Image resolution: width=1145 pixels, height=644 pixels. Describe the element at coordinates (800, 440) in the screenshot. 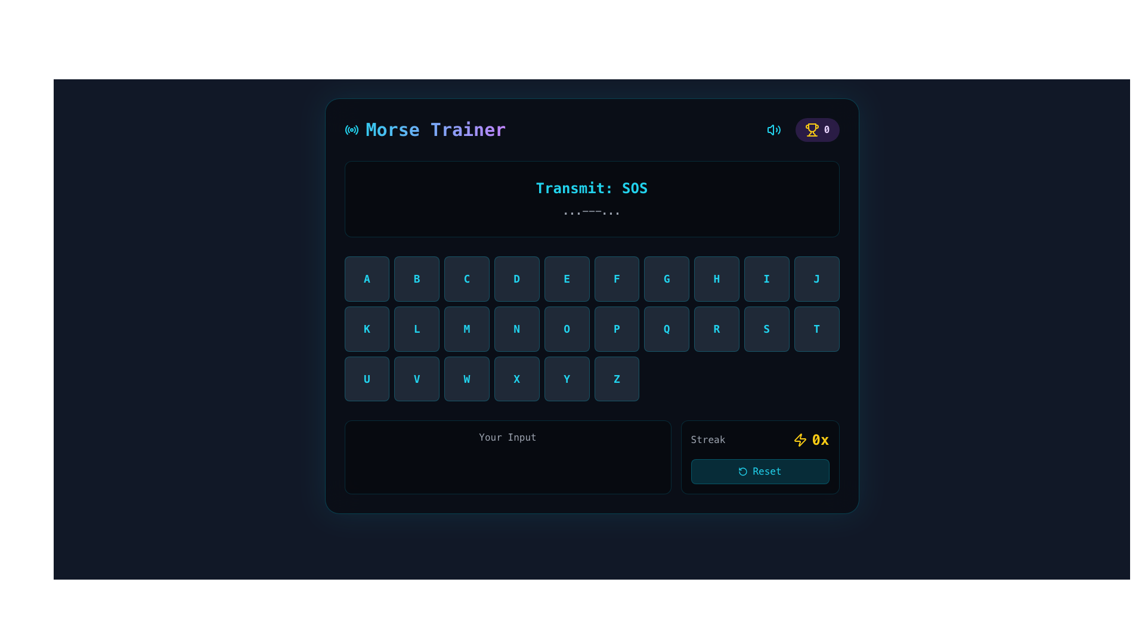

I see `the icon located at the bottom right corner of the interface, which is the leftmost element in the row preceding the bold text '0x'. This icon serves as a visual indicator related to the numeric counter` at that location.